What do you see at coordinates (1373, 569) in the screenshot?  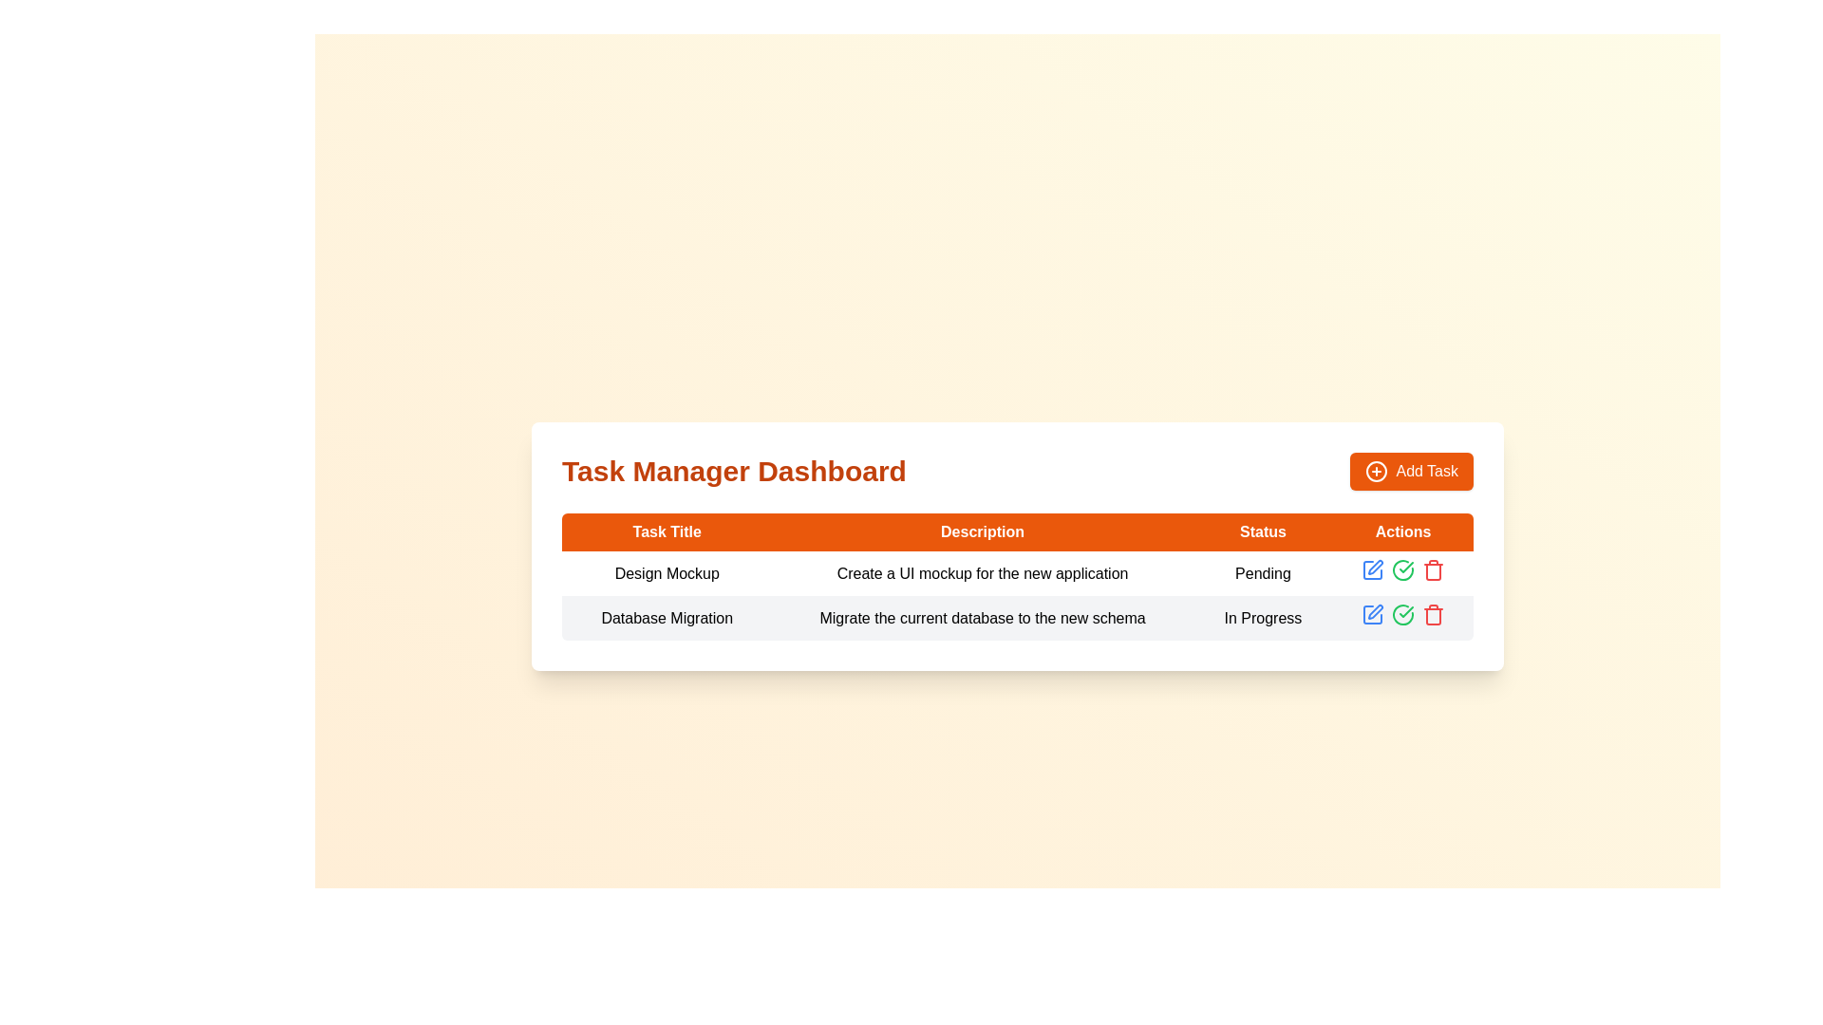 I see `the edit button located in the 'Actions' column of the first row of the table to initiate the editing mode` at bounding box center [1373, 569].